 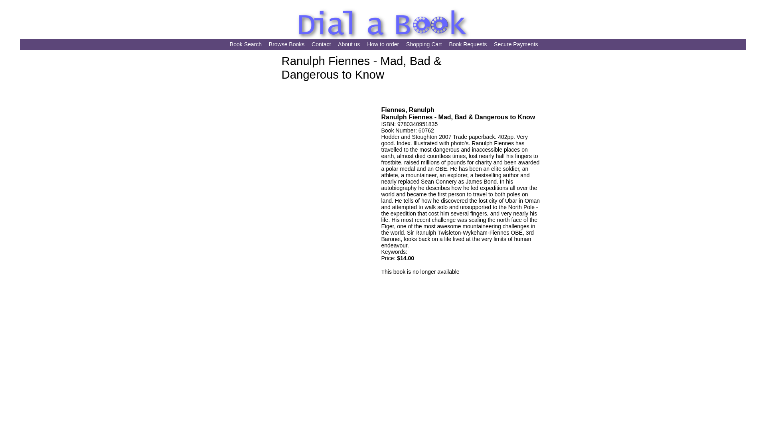 What do you see at coordinates (349, 44) in the screenshot?
I see `'About us'` at bounding box center [349, 44].